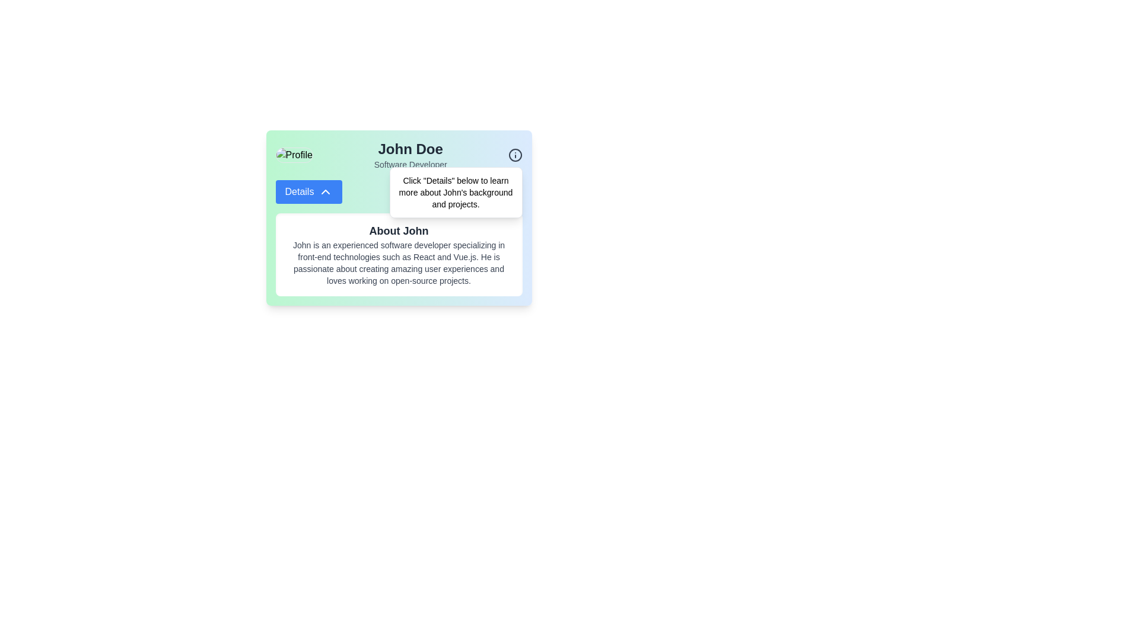 The width and height of the screenshot is (1139, 640). I want to click on the text heading that serves as a title for the informational section about John, positioned below the 'Details' button and above the descriptive paragraph, so click(399, 231).